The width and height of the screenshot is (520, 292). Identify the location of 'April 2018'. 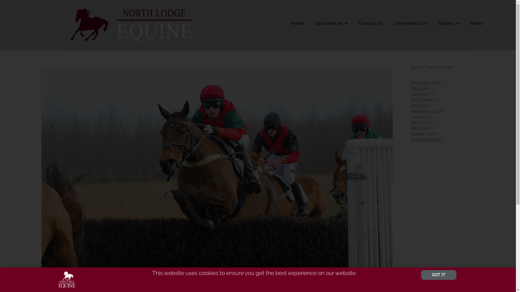
(420, 105).